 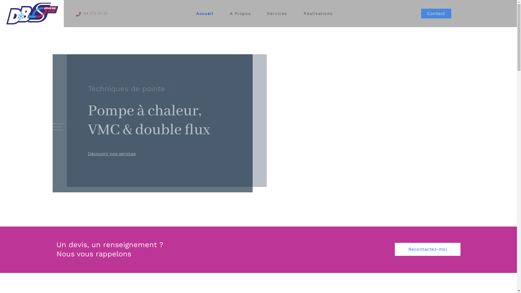 I want to click on 'Services', so click(x=277, y=13).